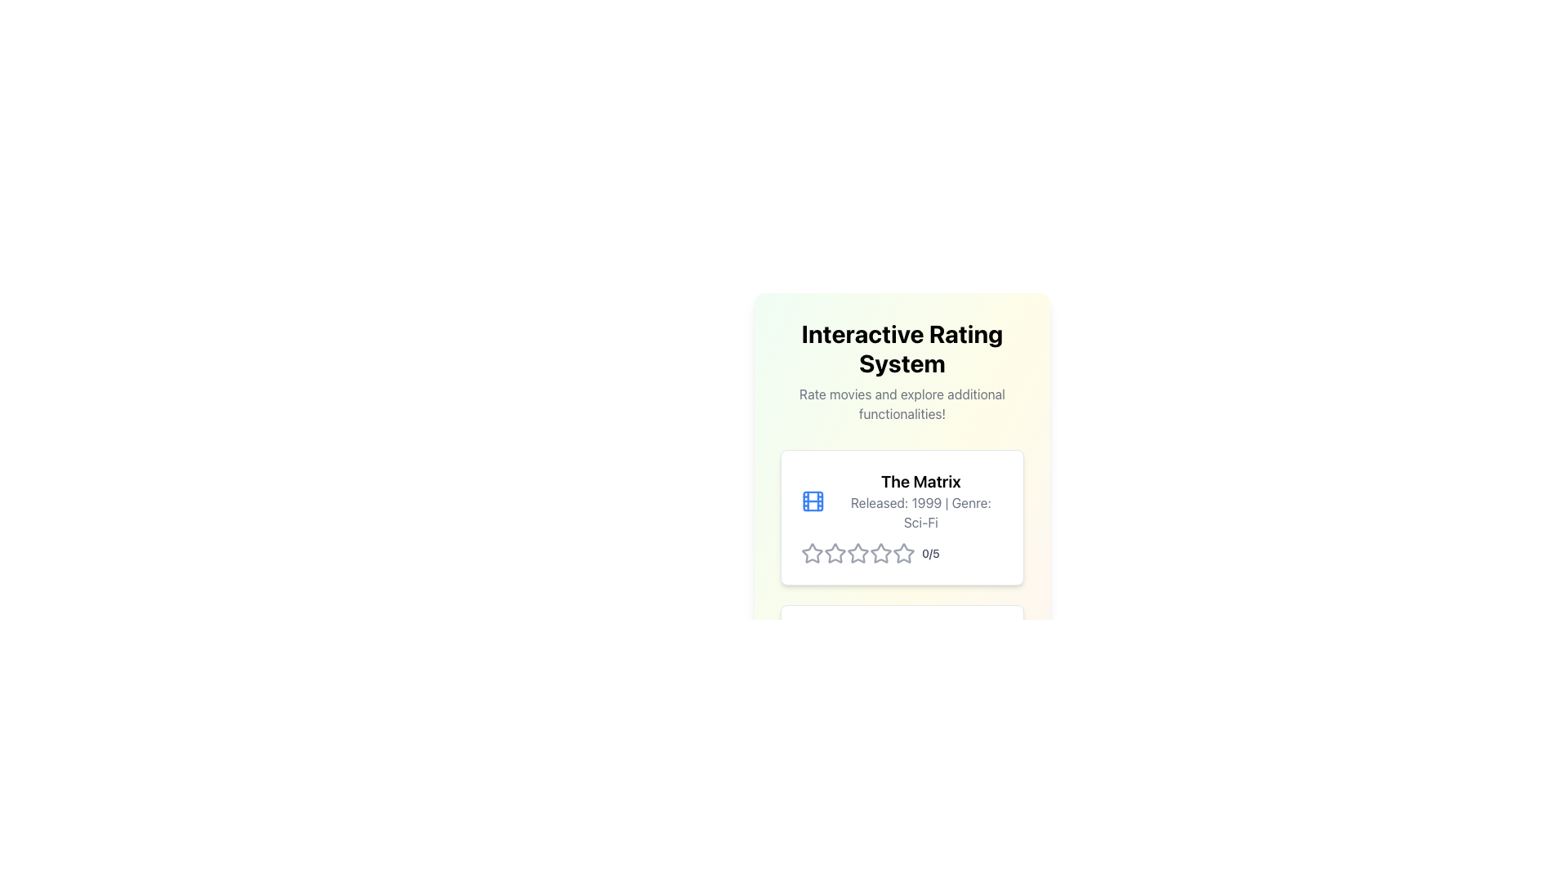 The width and height of the screenshot is (1568, 882). I want to click on the first gray-colored star with a hollow center, so click(835, 552).